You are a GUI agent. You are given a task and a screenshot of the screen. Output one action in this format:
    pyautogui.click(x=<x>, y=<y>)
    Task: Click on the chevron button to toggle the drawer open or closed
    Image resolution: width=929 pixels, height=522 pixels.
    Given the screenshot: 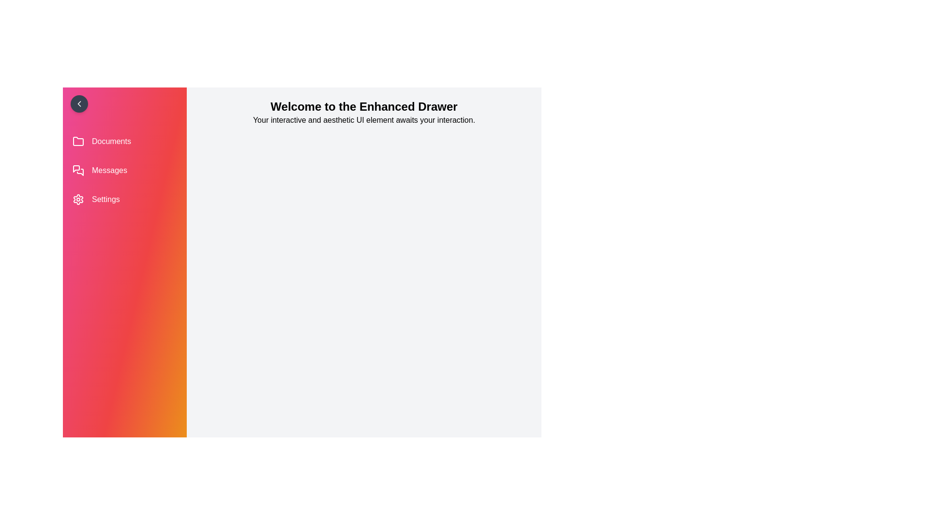 What is the action you would take?
    pyautogui.click(x=79, y=104)
    